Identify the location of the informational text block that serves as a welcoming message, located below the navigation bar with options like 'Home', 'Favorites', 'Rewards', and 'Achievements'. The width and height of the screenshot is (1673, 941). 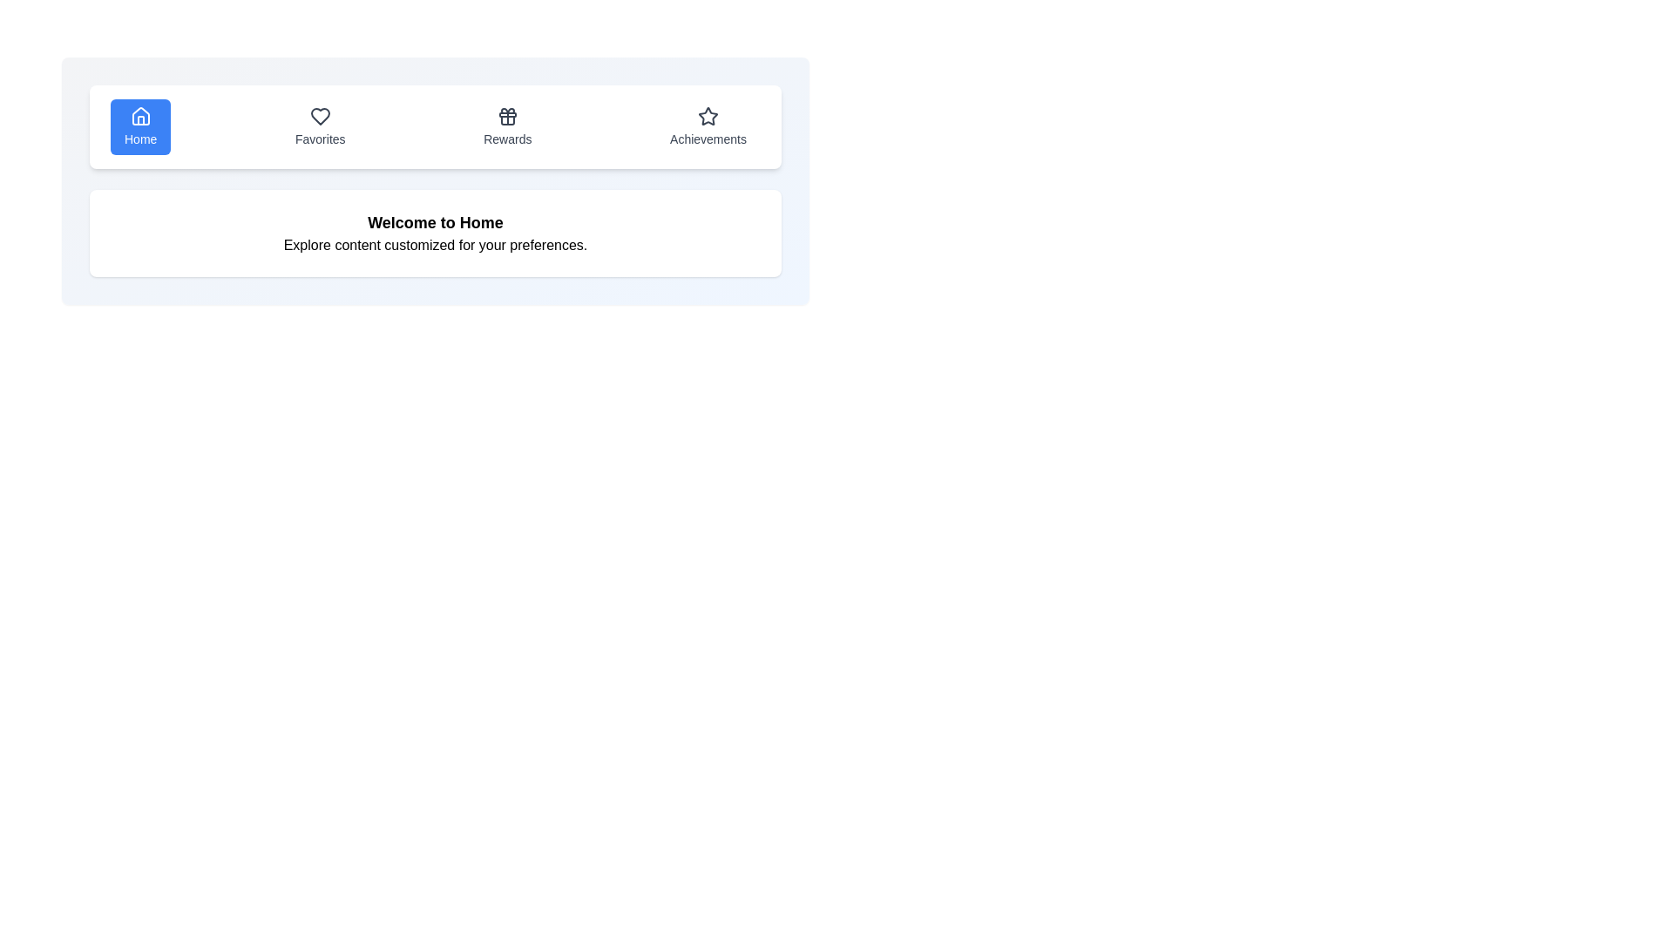
(435, 232).